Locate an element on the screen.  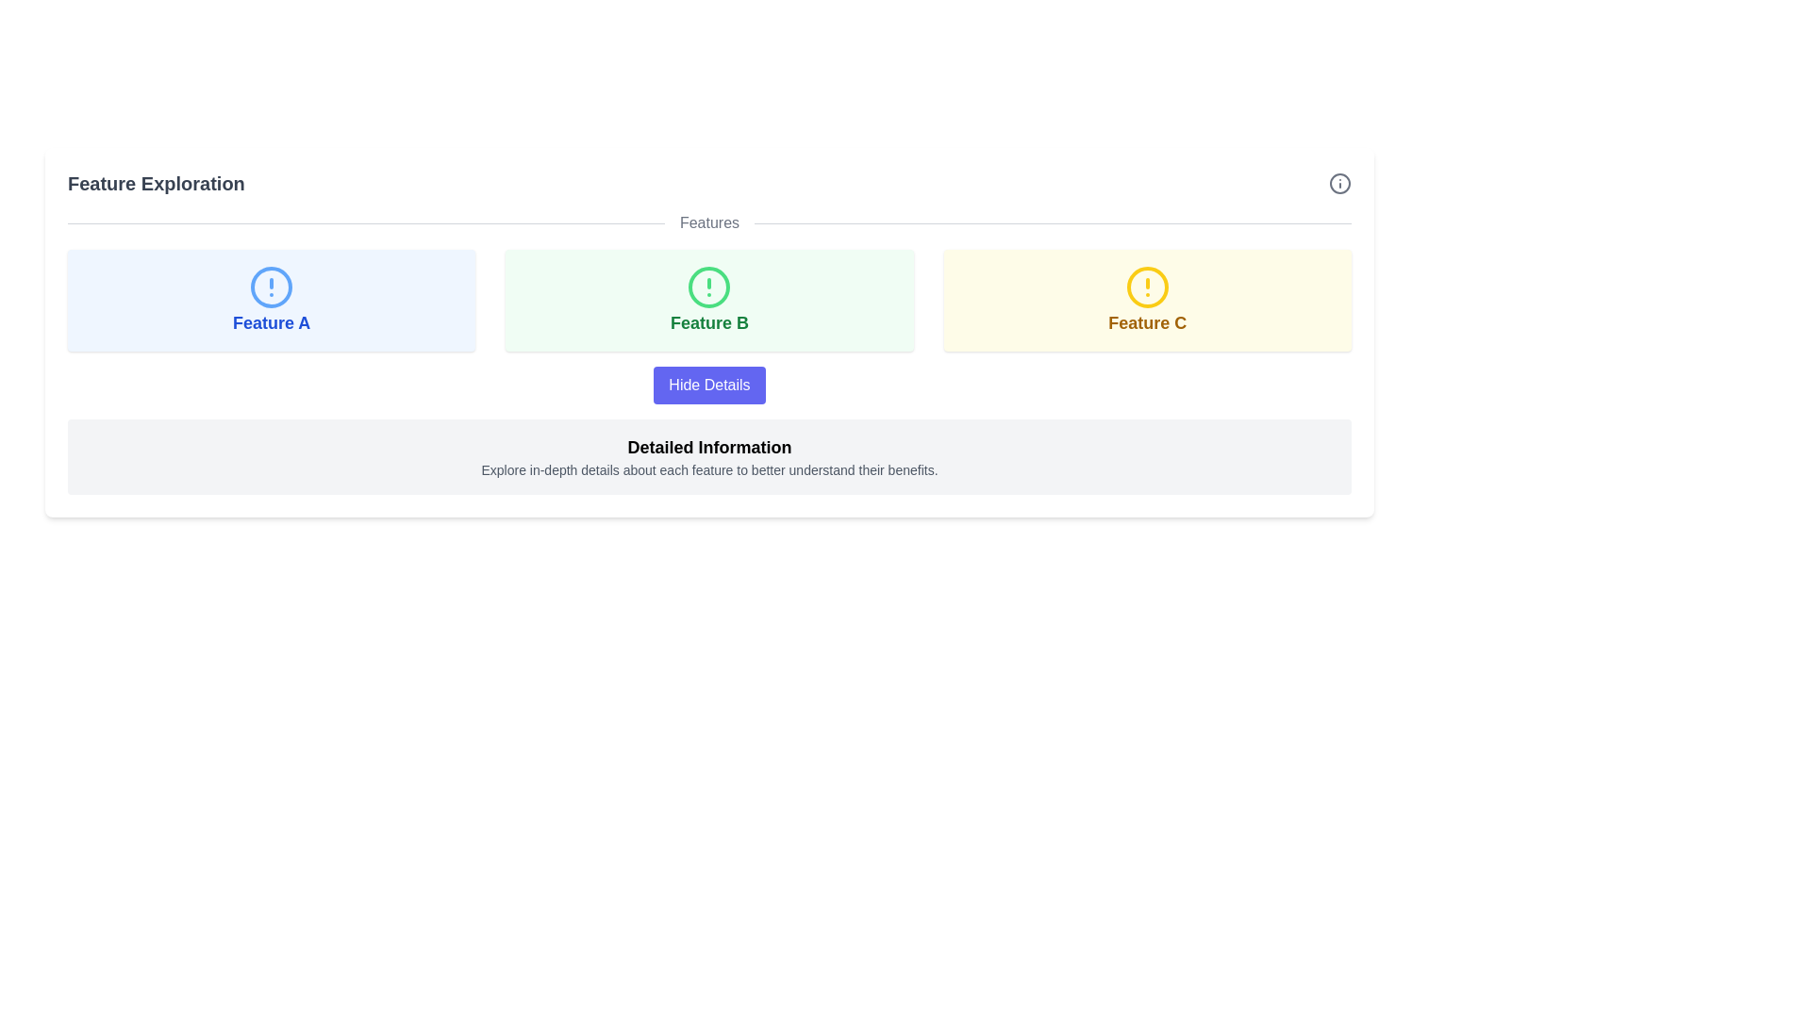
the 'Features' text label which is styled in gray and positioned between two horizontal divider lines is located at coordinates (708, 222).